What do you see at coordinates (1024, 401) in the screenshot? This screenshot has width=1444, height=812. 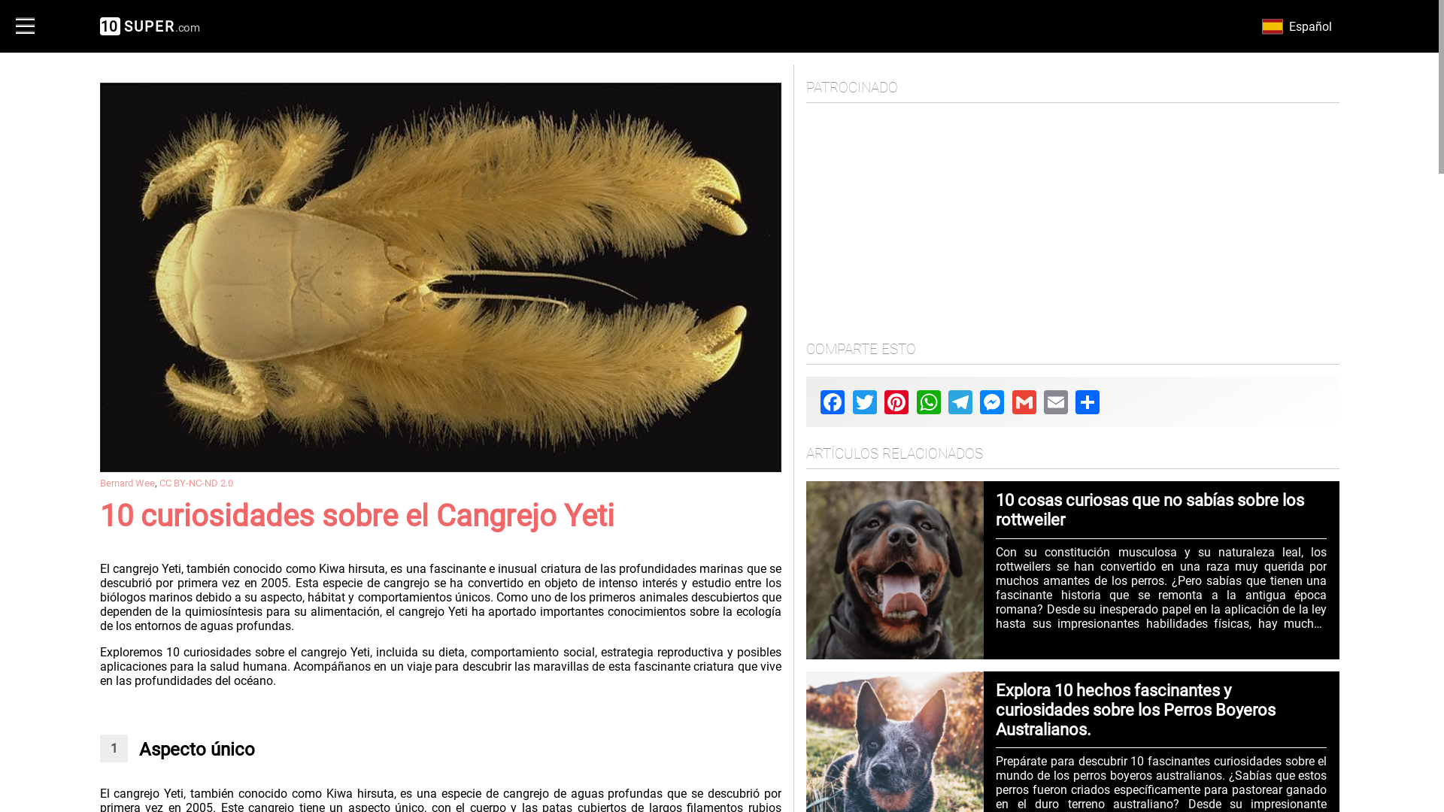 I see `'Gmail'` at bounding box center [1024, 401].